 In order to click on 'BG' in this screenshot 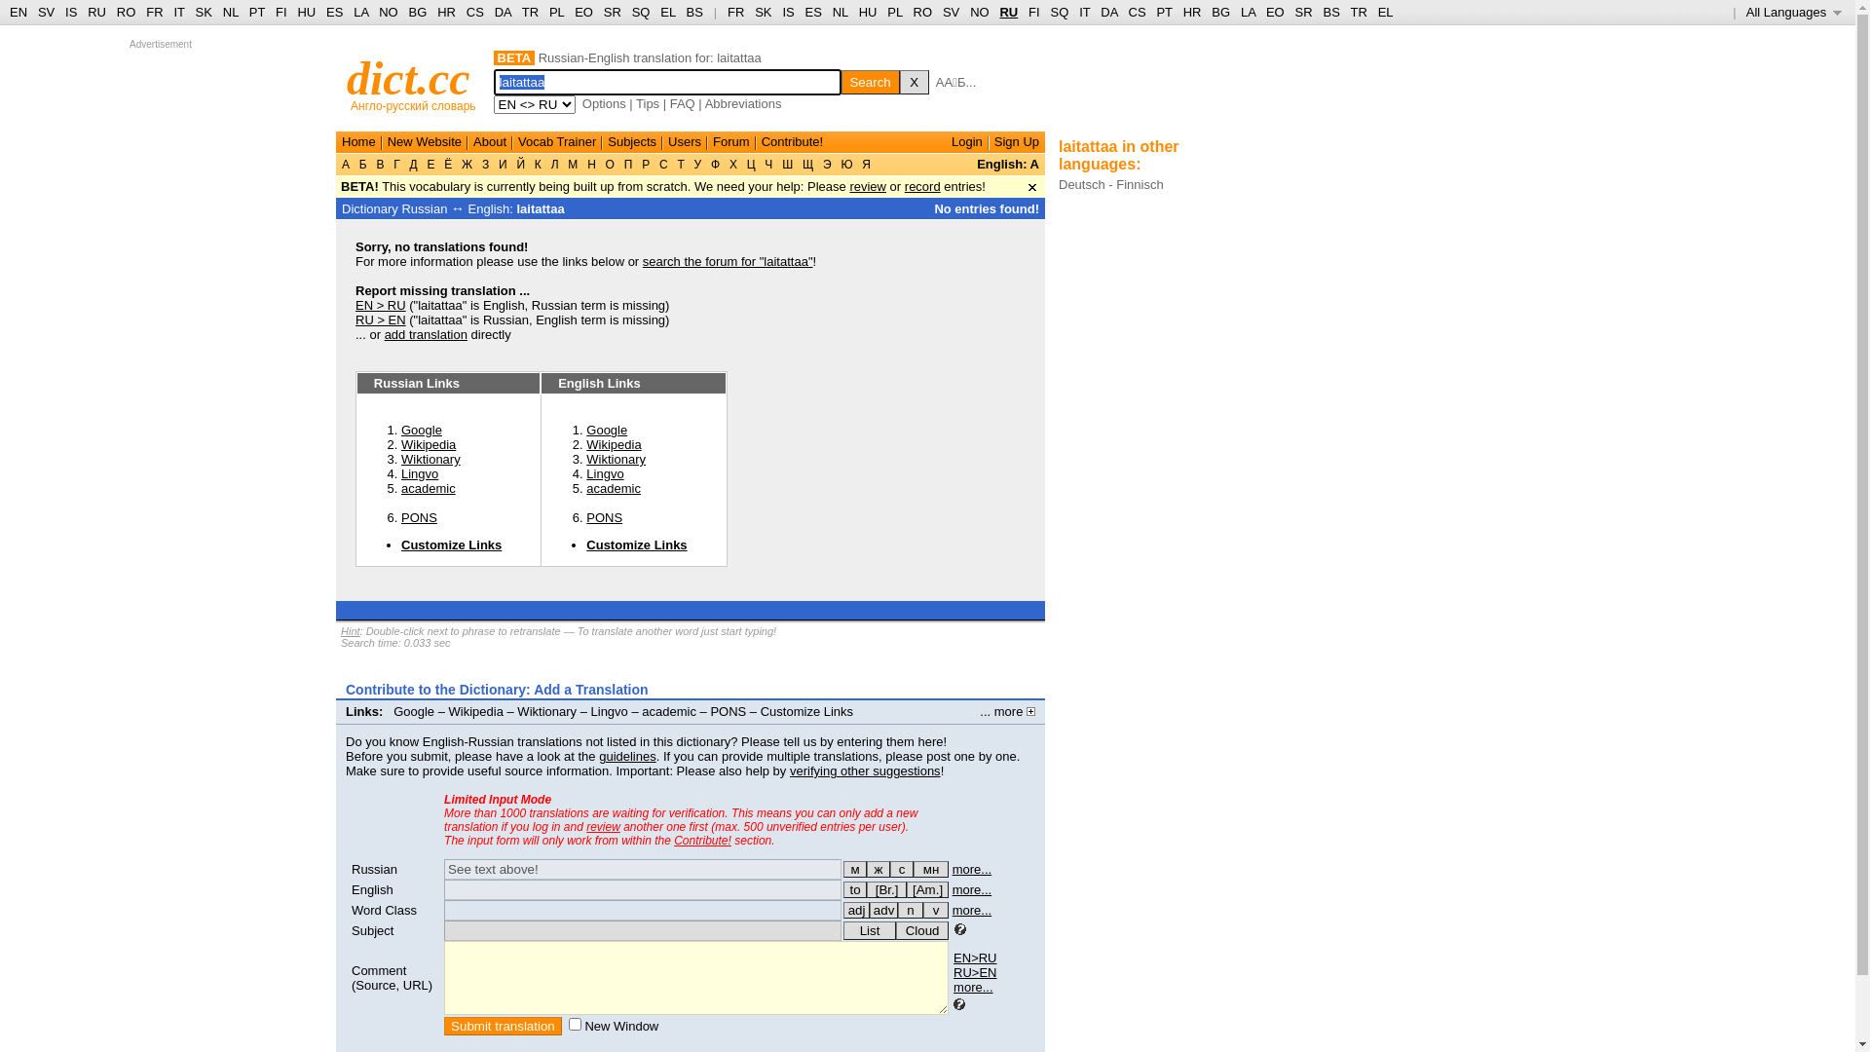, I will do `click(1210, 12)`.